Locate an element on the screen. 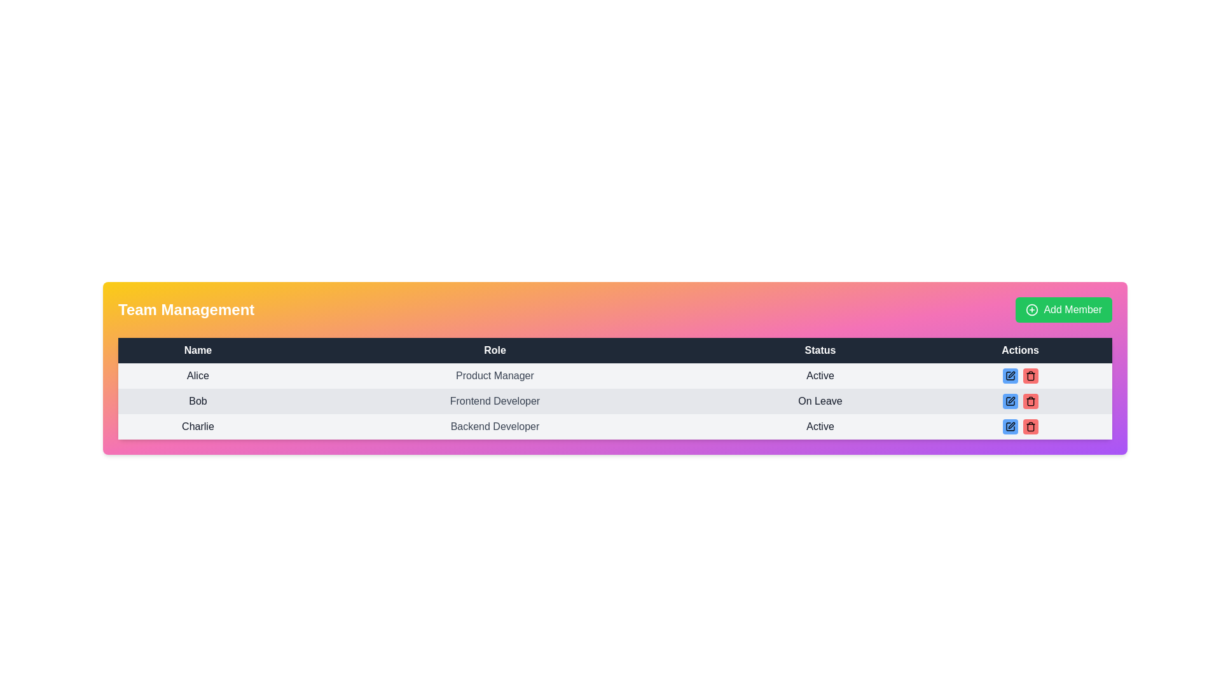 Image resolution: width=1221 pixels, height=686 pixels. the trash bin icon button is located at coordinates (1030, 375).